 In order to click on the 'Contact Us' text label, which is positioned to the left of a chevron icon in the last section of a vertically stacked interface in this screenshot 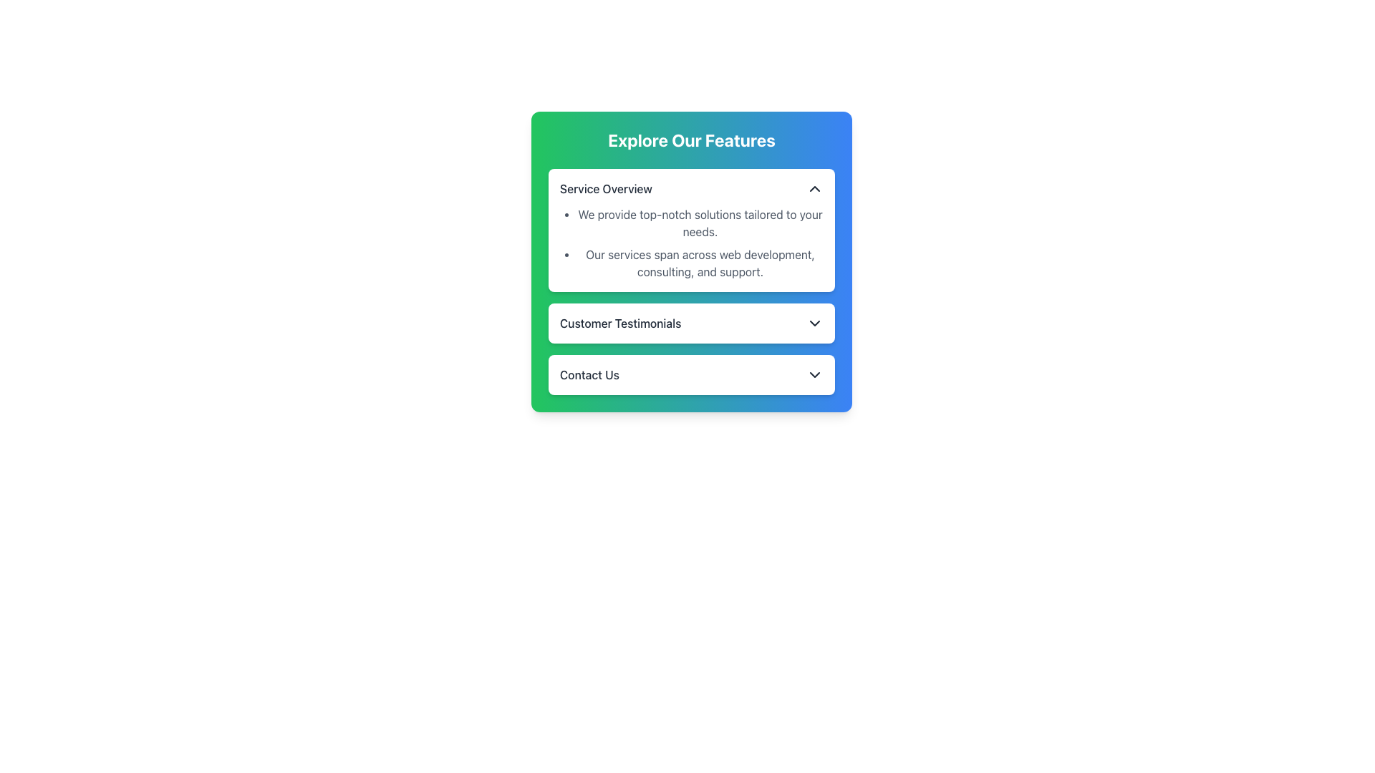, I will do `click(589, 374)`.